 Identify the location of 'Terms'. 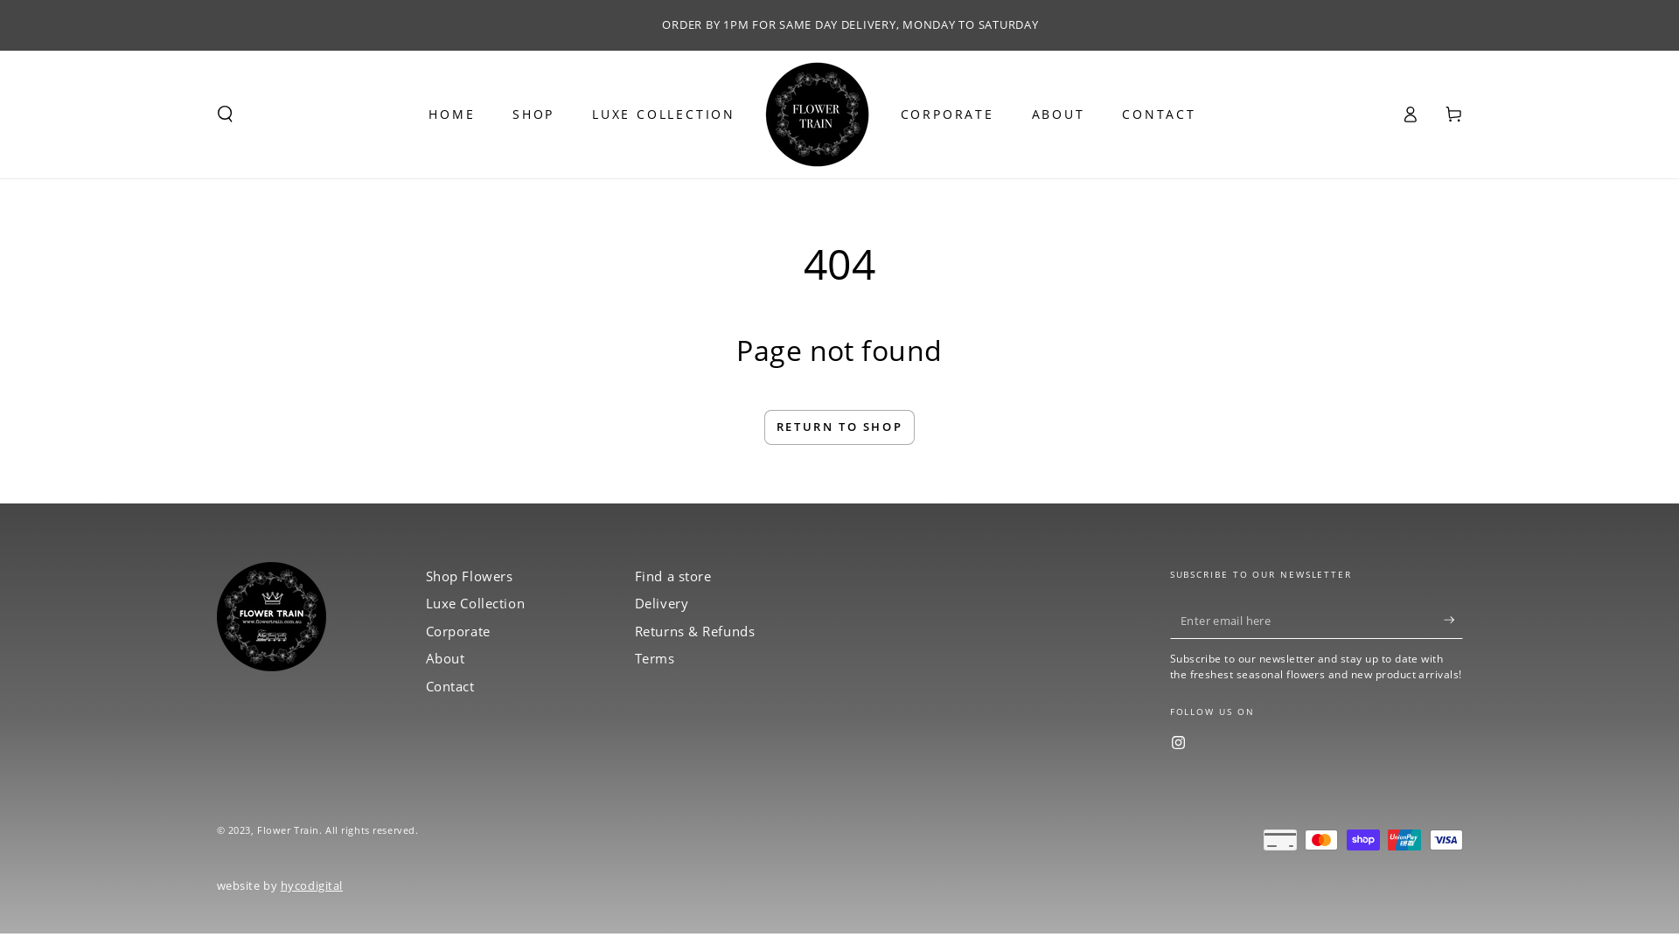
(633, 657).